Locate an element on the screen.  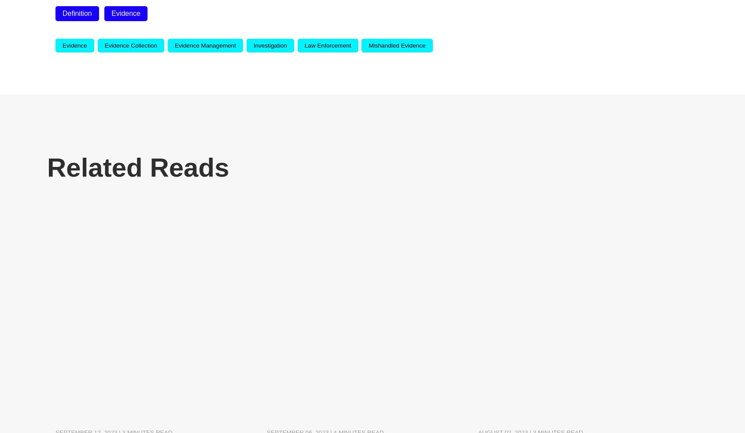
'Law Enforcement' is located at coordinates (304, 45).